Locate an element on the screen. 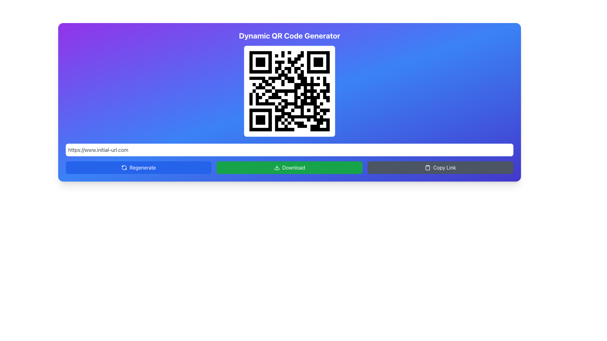 Image resolution: width=607 pixels, height=341 pixels. the icon located to the left of the 'Copy Link' text in the 'Copy Link' button, which is used to copy linked content is located at coordinates (428, 167).